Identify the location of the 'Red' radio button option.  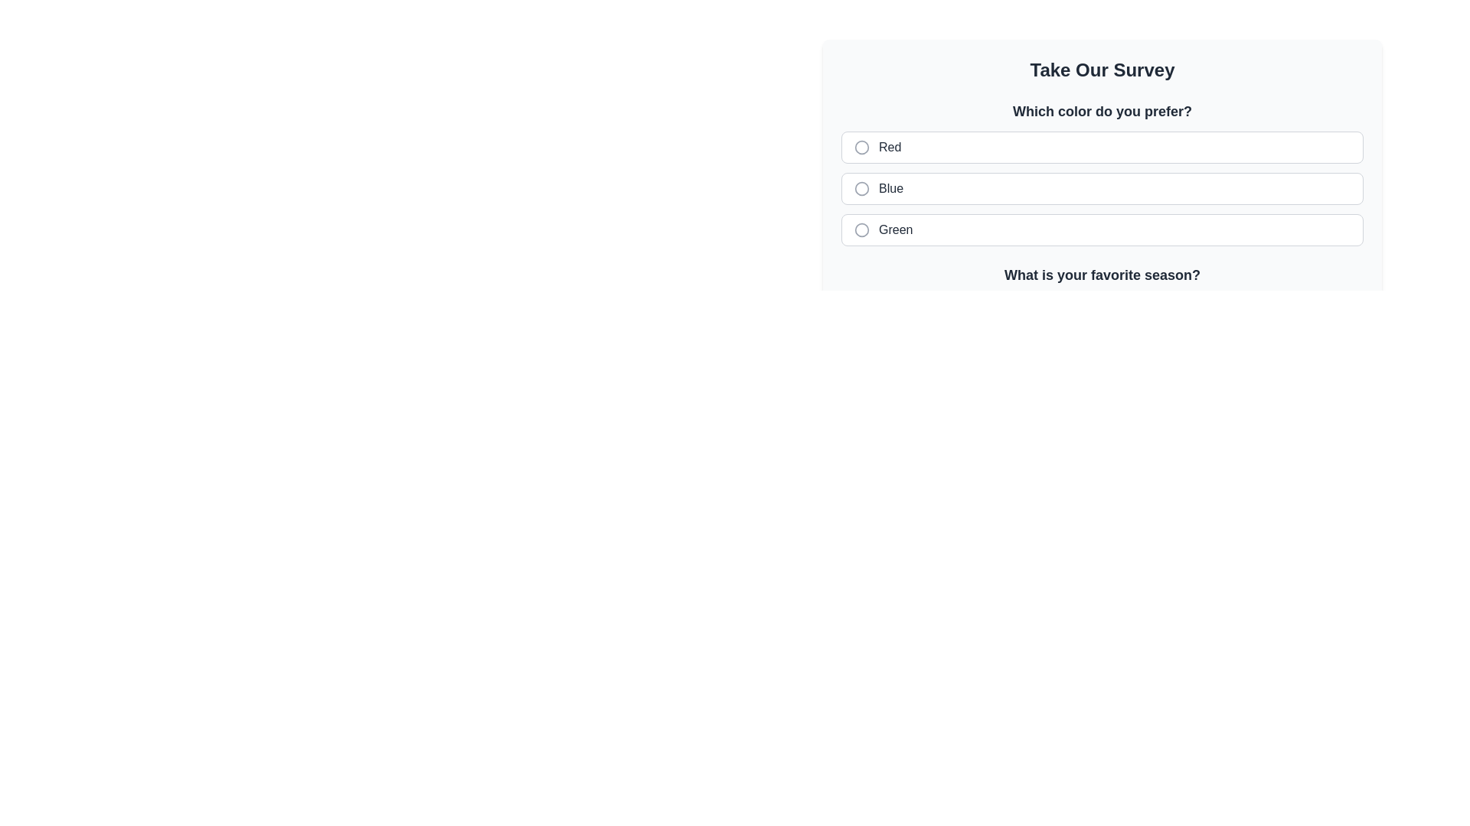
(1102, 147).